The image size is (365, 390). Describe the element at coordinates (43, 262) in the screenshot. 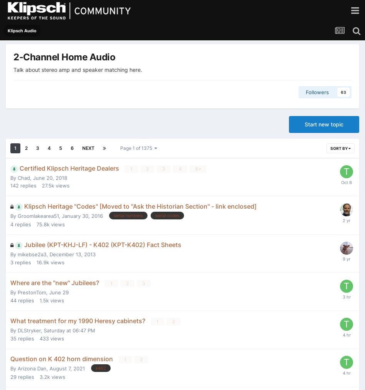

I see `'16.9k'` at that location.